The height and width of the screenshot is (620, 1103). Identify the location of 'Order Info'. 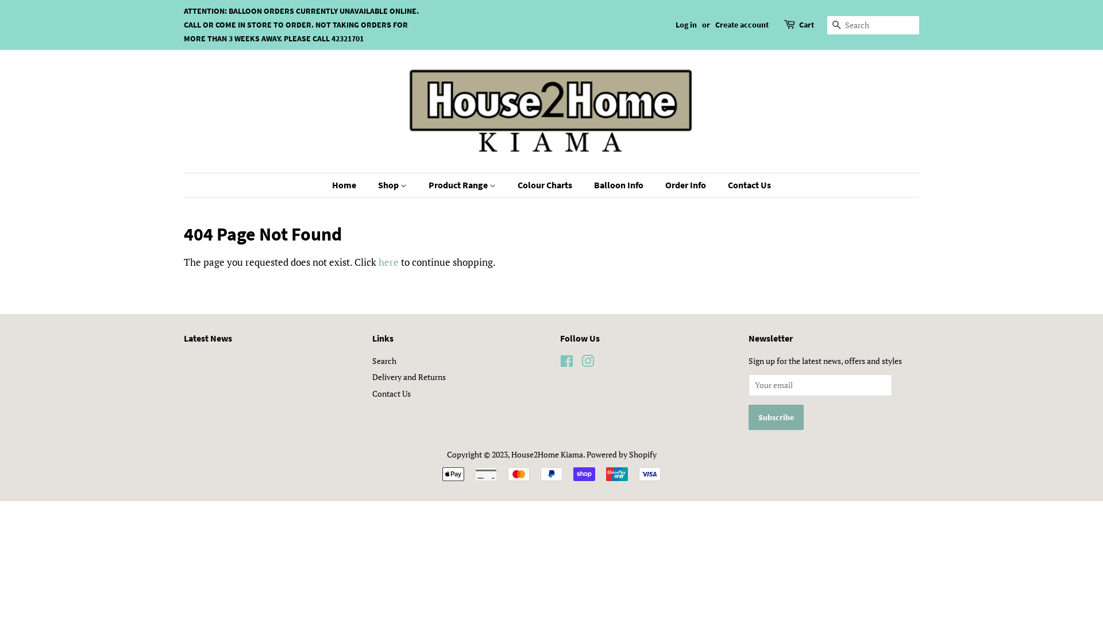
(687, 184).